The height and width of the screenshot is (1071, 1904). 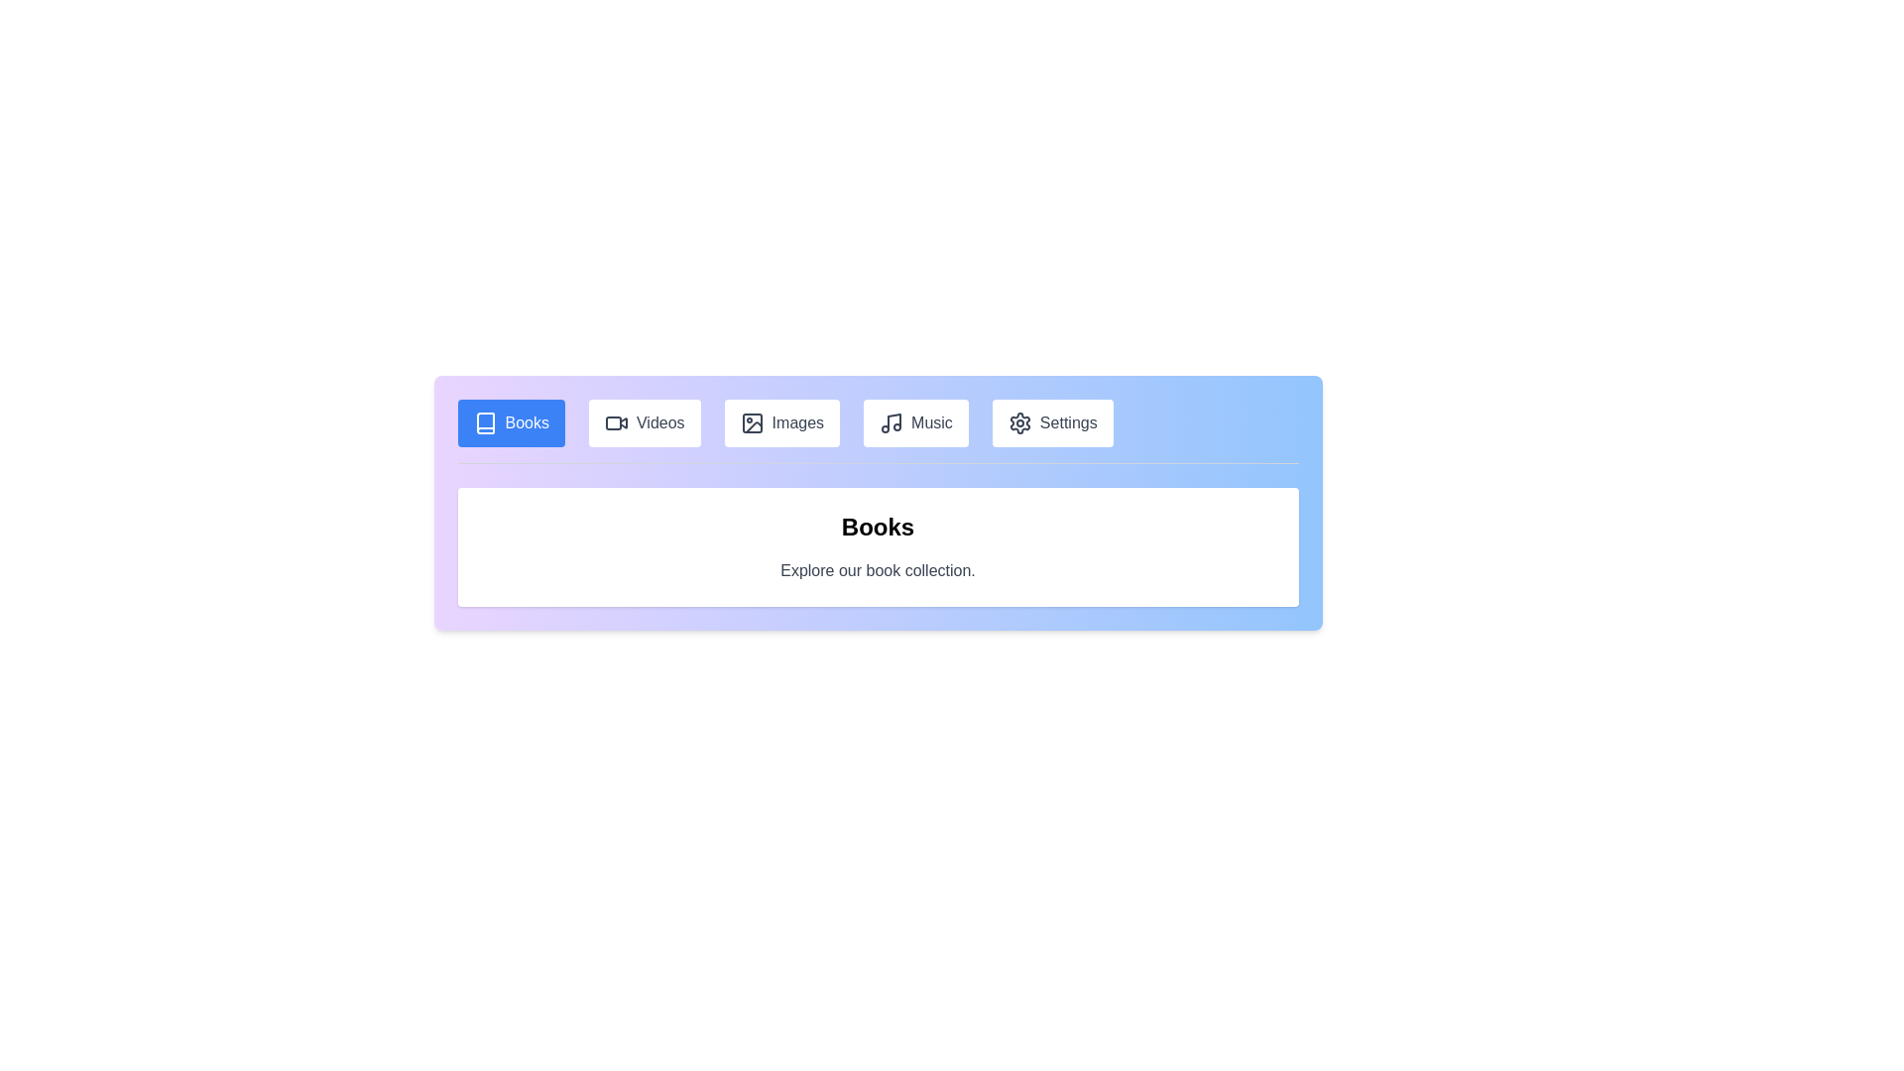 What do you see at coordinates (780, 422) in the screenshot?
I see `the tab labeled Images to navigate to its content` at bounding box center [780, 422].